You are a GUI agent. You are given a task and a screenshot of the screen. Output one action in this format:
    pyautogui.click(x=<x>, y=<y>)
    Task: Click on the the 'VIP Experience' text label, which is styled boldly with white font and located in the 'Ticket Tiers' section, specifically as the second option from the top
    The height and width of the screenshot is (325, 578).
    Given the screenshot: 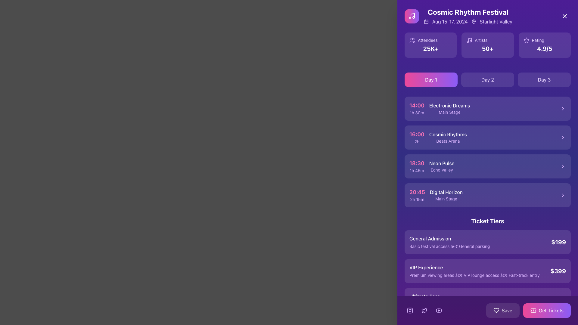 What is the action you would take?
    pyautogui.click(x=474, y=271)
    